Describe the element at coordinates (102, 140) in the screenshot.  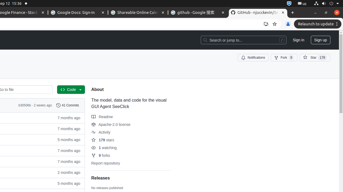
I see `'179 stars'` at that location.